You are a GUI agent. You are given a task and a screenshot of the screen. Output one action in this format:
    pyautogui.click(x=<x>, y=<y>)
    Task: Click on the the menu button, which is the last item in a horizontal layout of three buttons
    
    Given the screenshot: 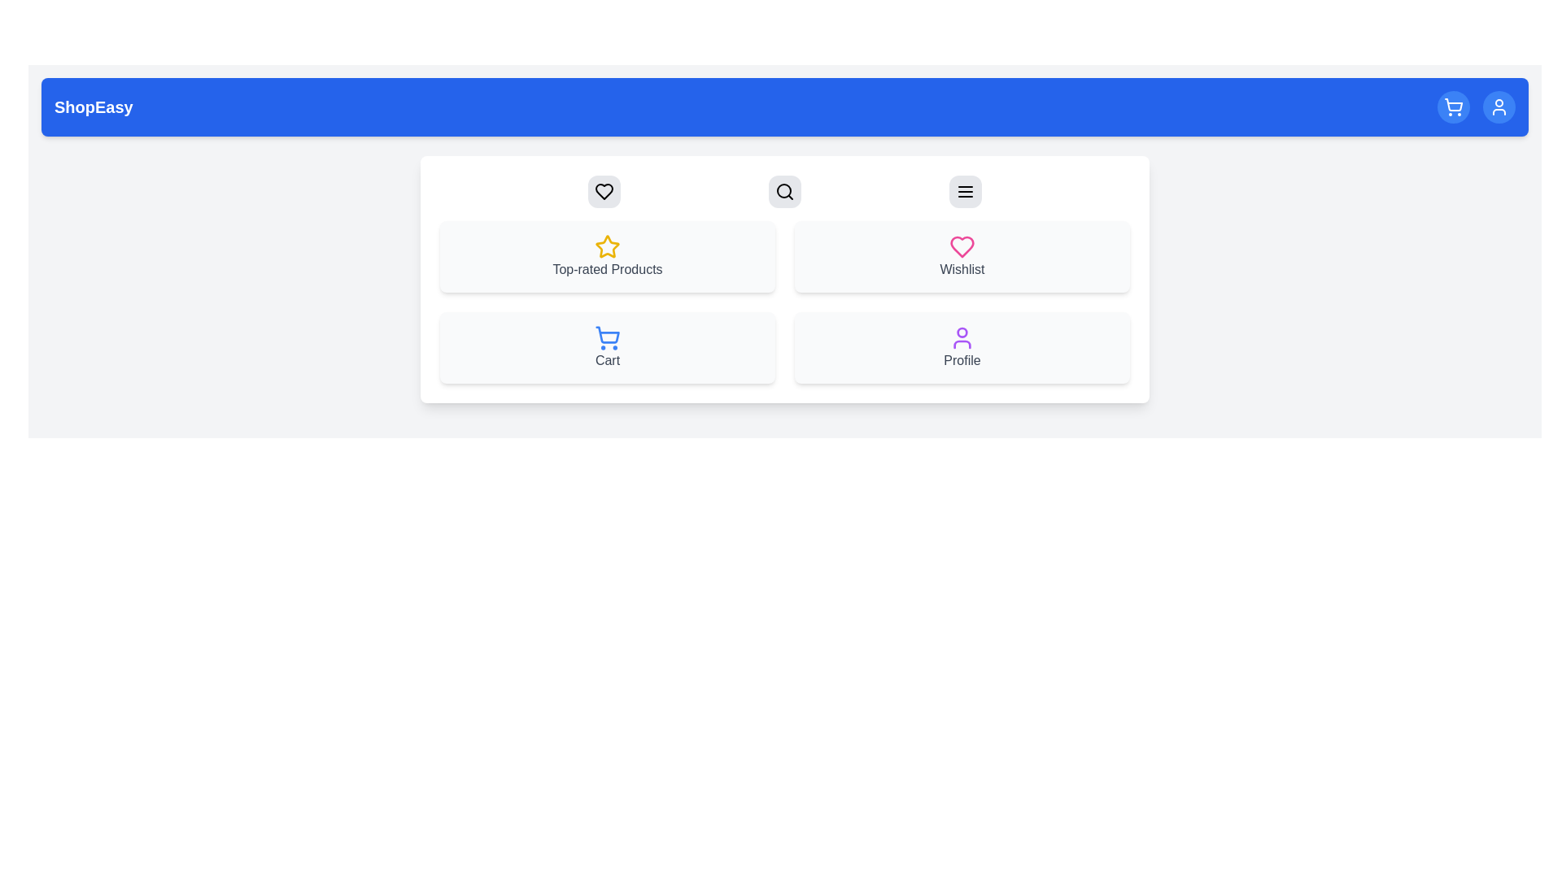 What is the action you would take?
    pyautogui.click(x=965, y=190)
    